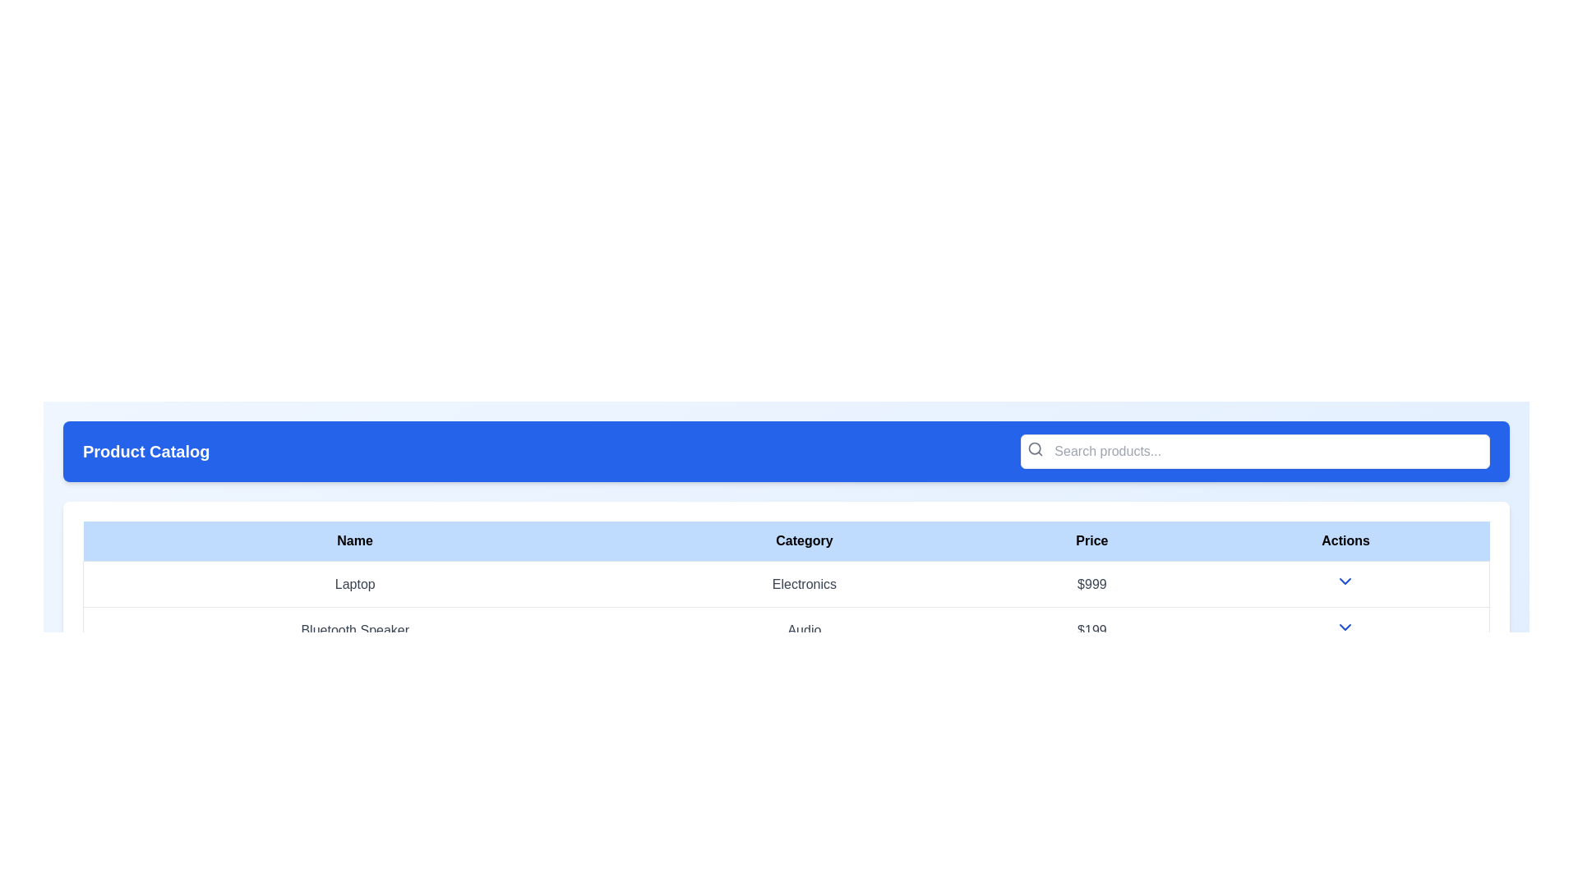 The height and width of the screenshot is (887, 1578). Describe the element at coordinates (354, 541) in the screenshot. I see `the header text label for the 'Name' column in the Product Catalog table, which is the first header in a row of four headers` at that location.